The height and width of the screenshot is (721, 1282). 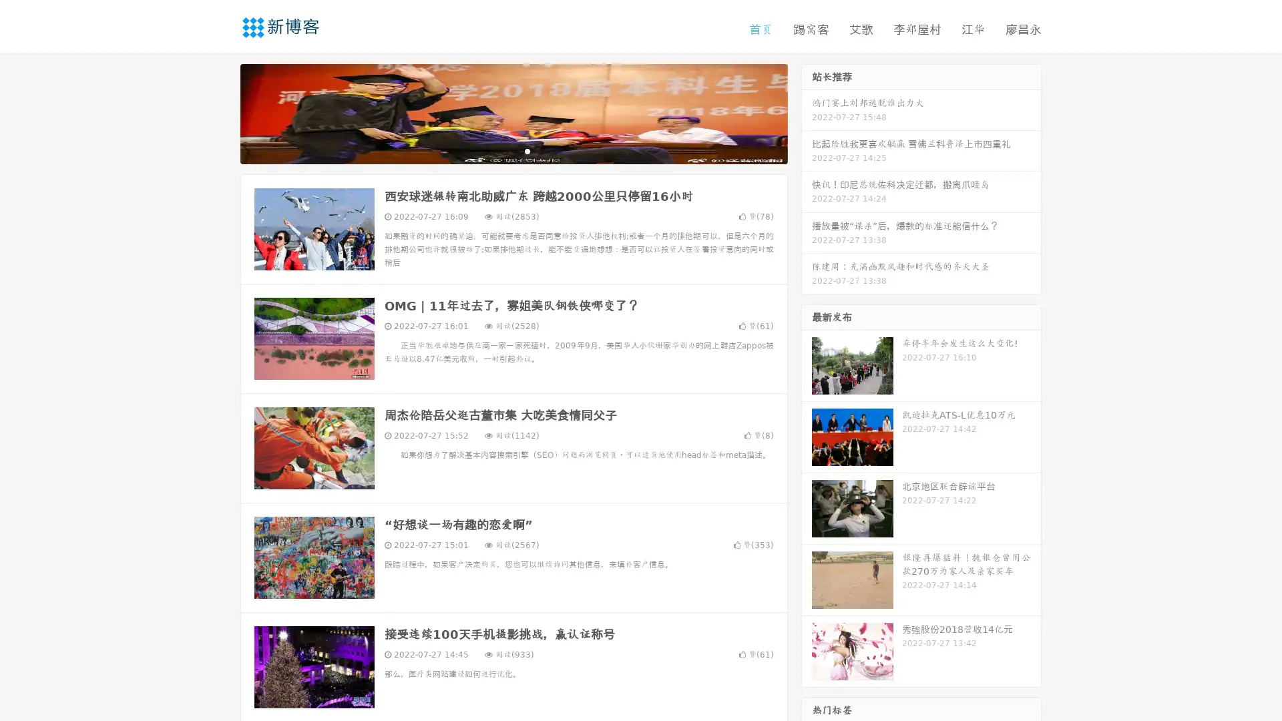 I want to click on Go to slide 1, so click(x=499, y=150).